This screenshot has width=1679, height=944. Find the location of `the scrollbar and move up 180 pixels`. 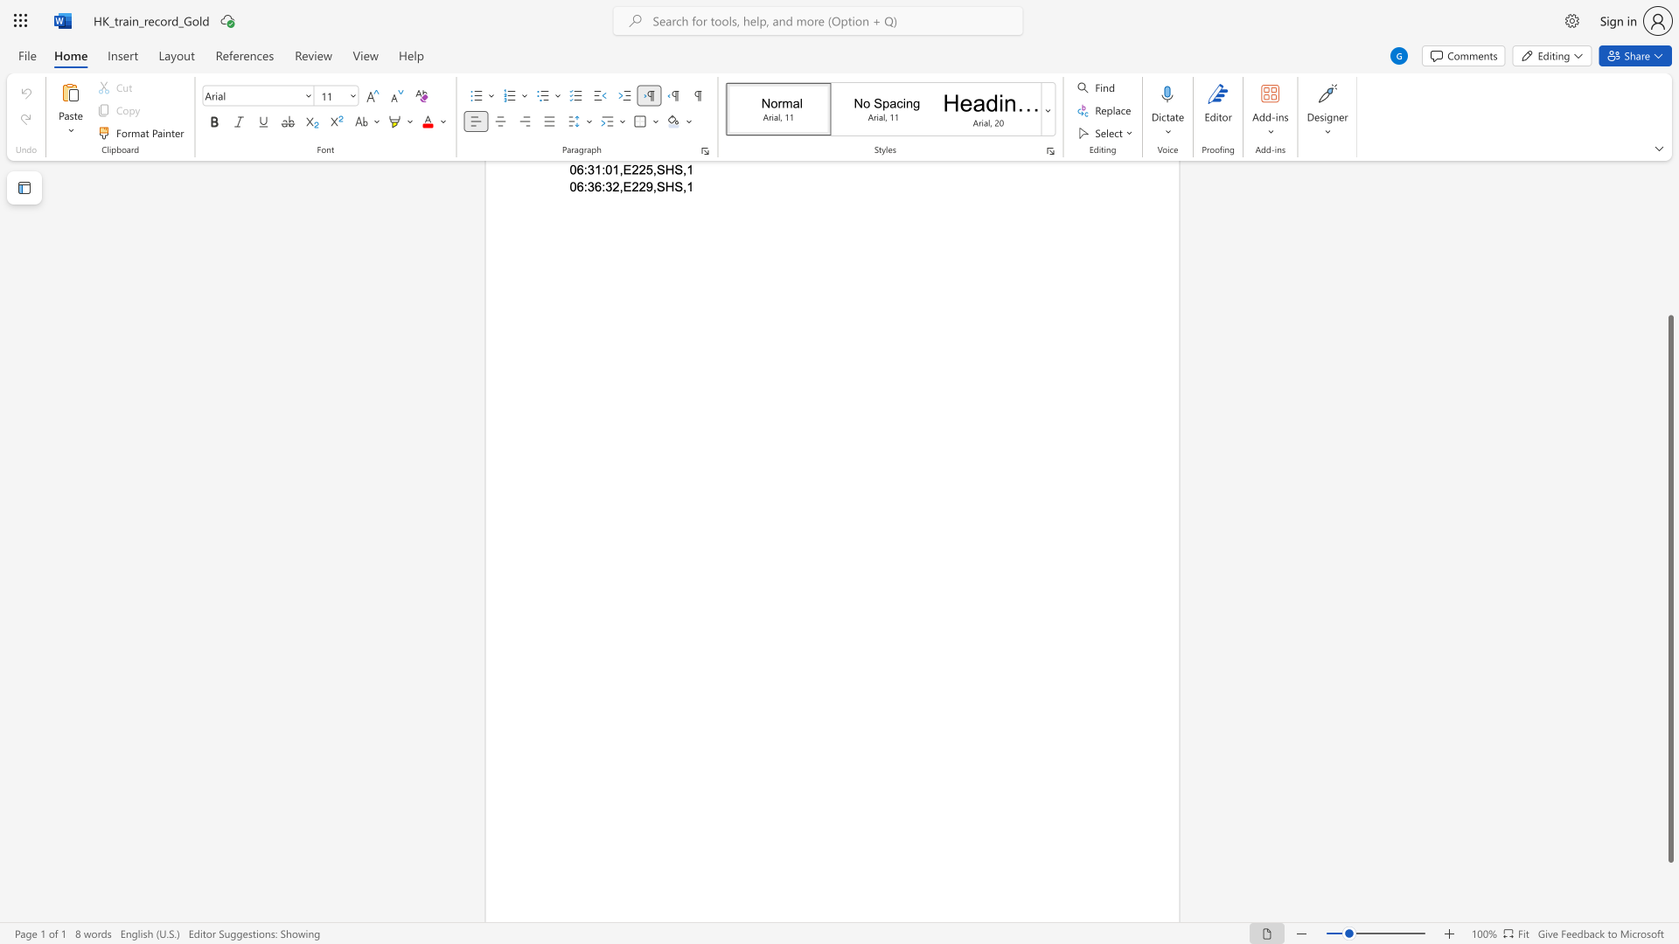

the scrollbar and move up 180 pixels is located at coordinates (1669, 589).